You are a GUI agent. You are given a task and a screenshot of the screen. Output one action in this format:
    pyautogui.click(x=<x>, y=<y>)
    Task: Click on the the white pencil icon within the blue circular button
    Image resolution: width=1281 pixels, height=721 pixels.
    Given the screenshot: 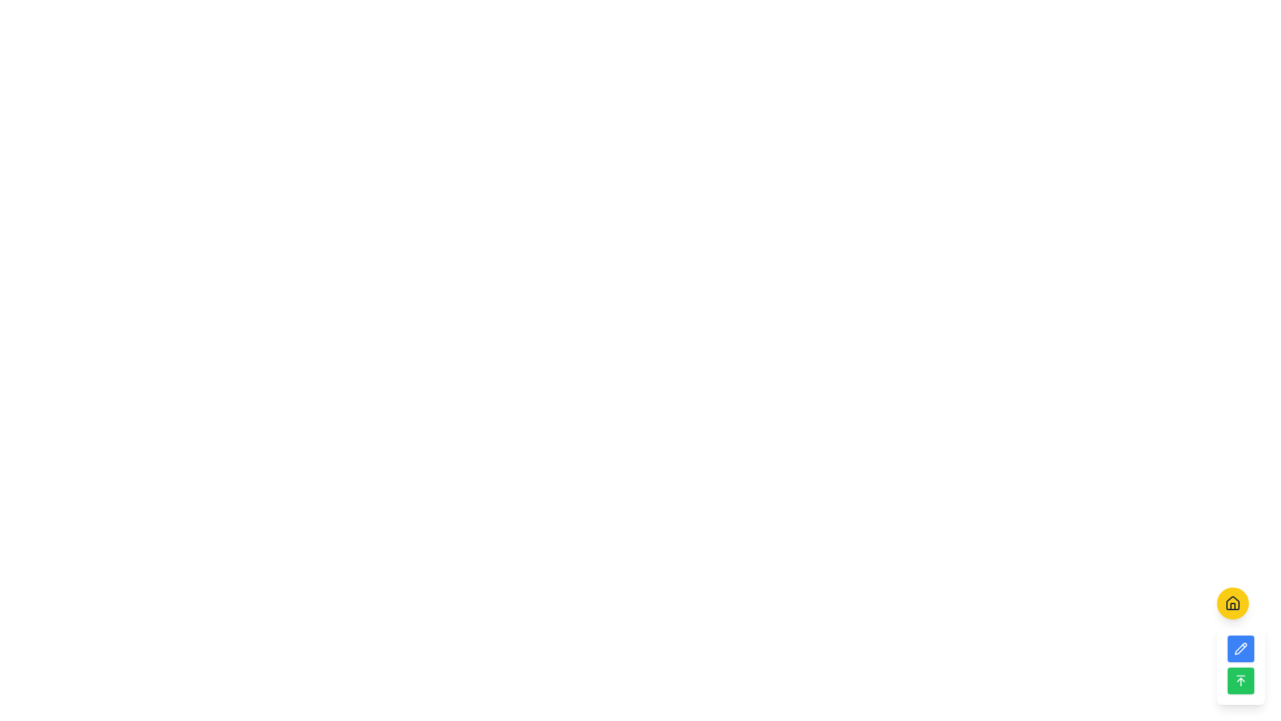 What is the action you would take?
    pyautogui.click(x=1240, y=648)
    